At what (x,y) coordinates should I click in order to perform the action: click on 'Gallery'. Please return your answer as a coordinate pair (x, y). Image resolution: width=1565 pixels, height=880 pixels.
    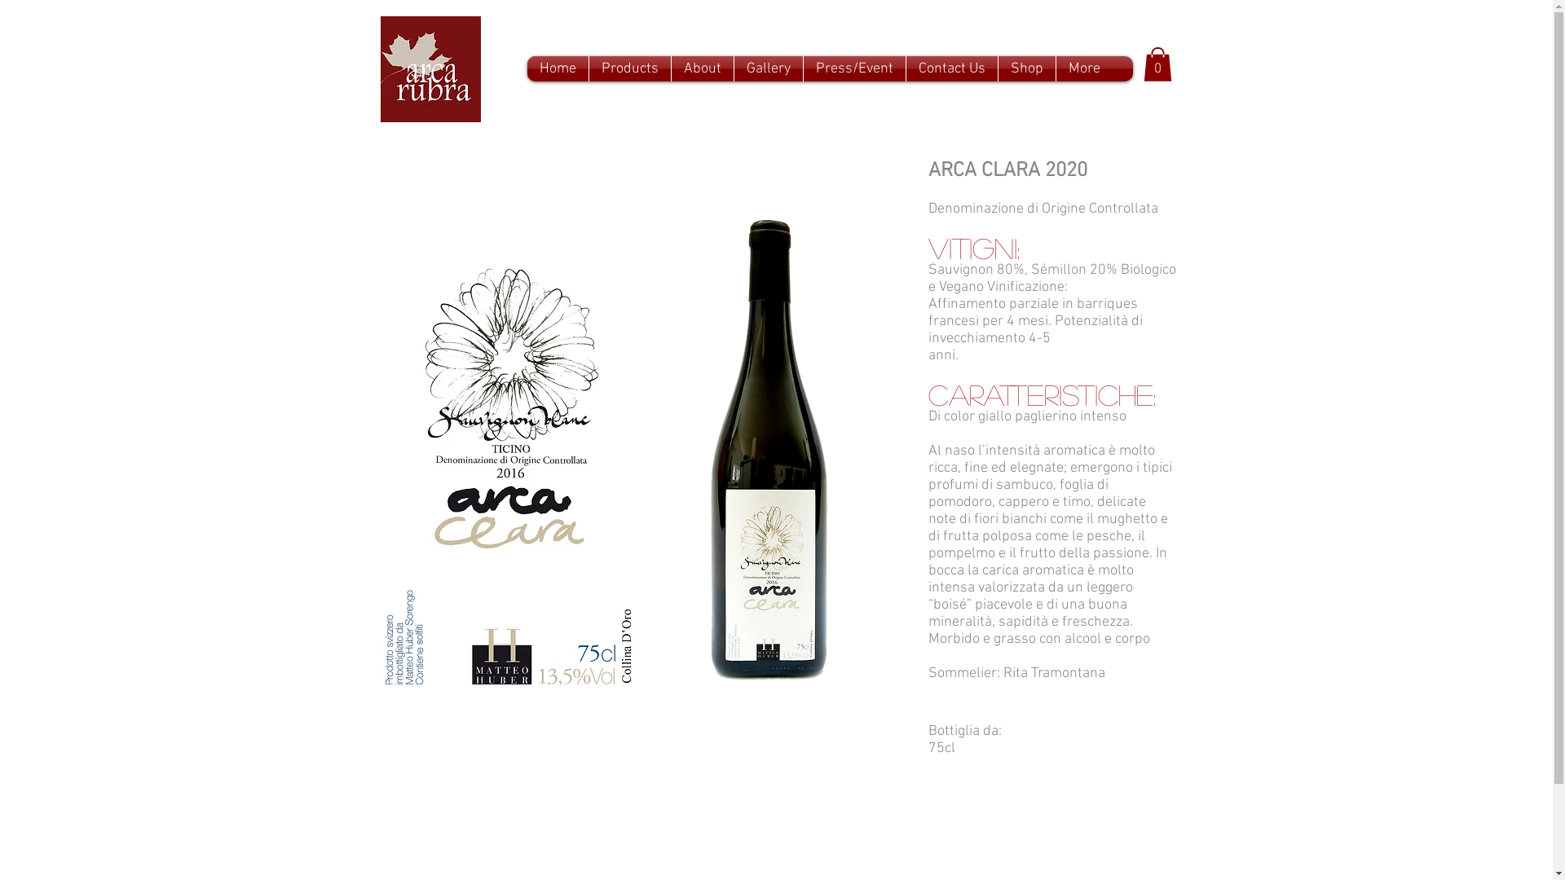
    Looking at the image, I should click on (766, 68).